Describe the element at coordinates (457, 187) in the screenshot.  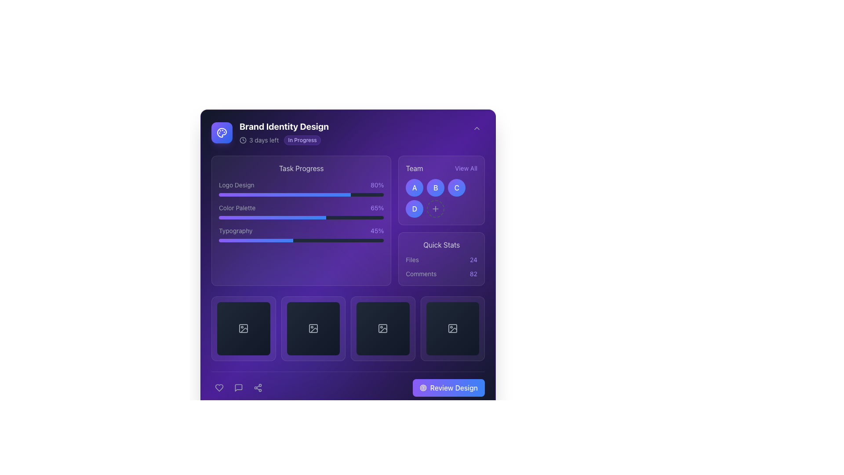
I see `the circular button labeled 'C', which has a gradient background from violet to blue and features a white, bold, uppercase 'C' in the center, located in the 'Team' section of the interface` at that location.